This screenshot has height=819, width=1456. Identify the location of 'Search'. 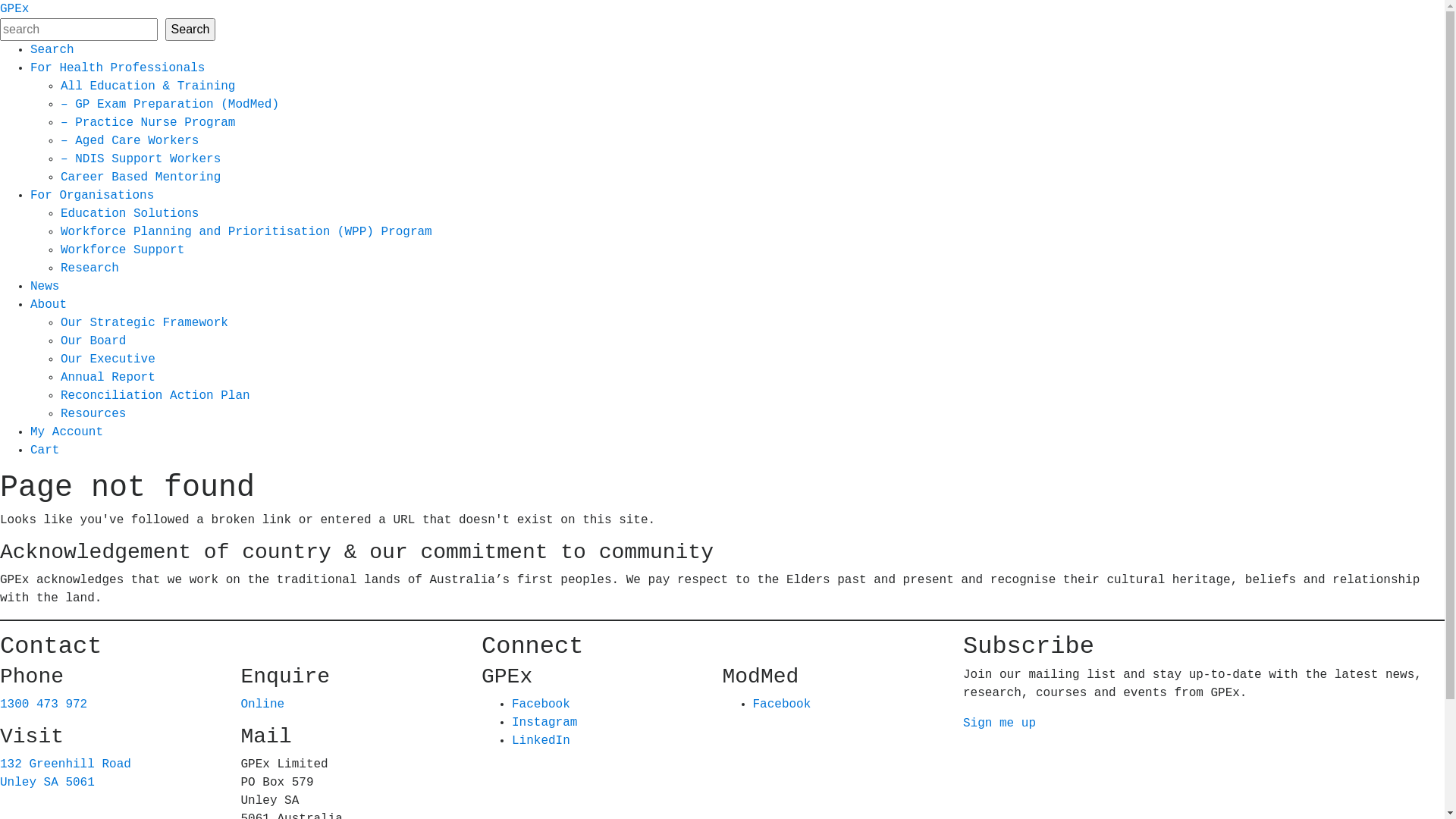
(165, 29).